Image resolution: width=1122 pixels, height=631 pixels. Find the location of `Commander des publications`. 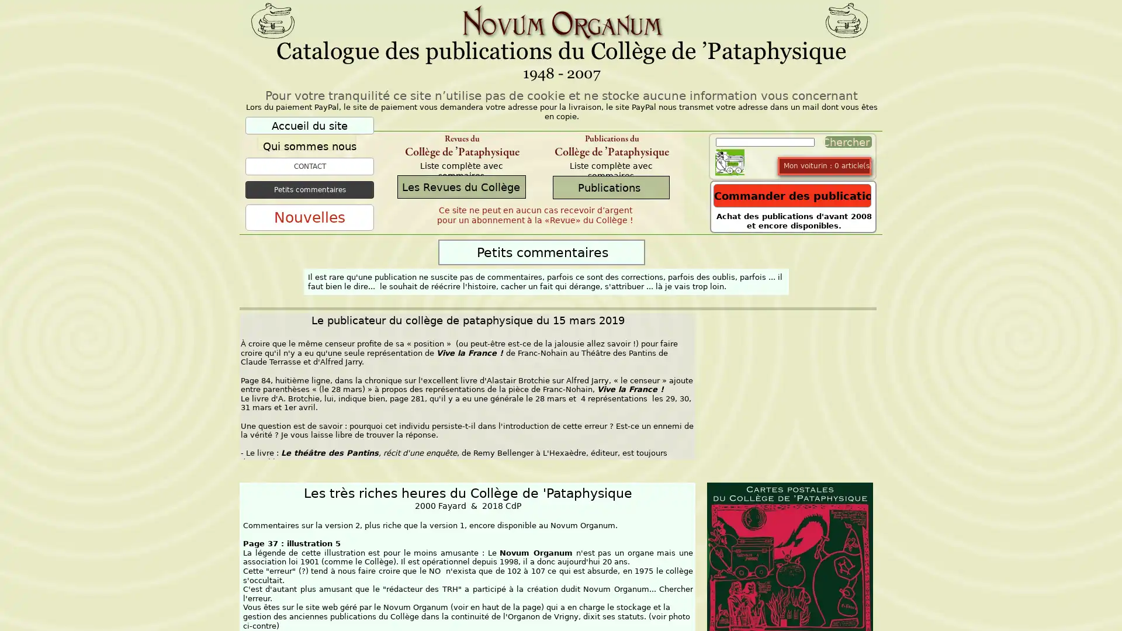

Commander des publications is located at coordinates (792, 195).